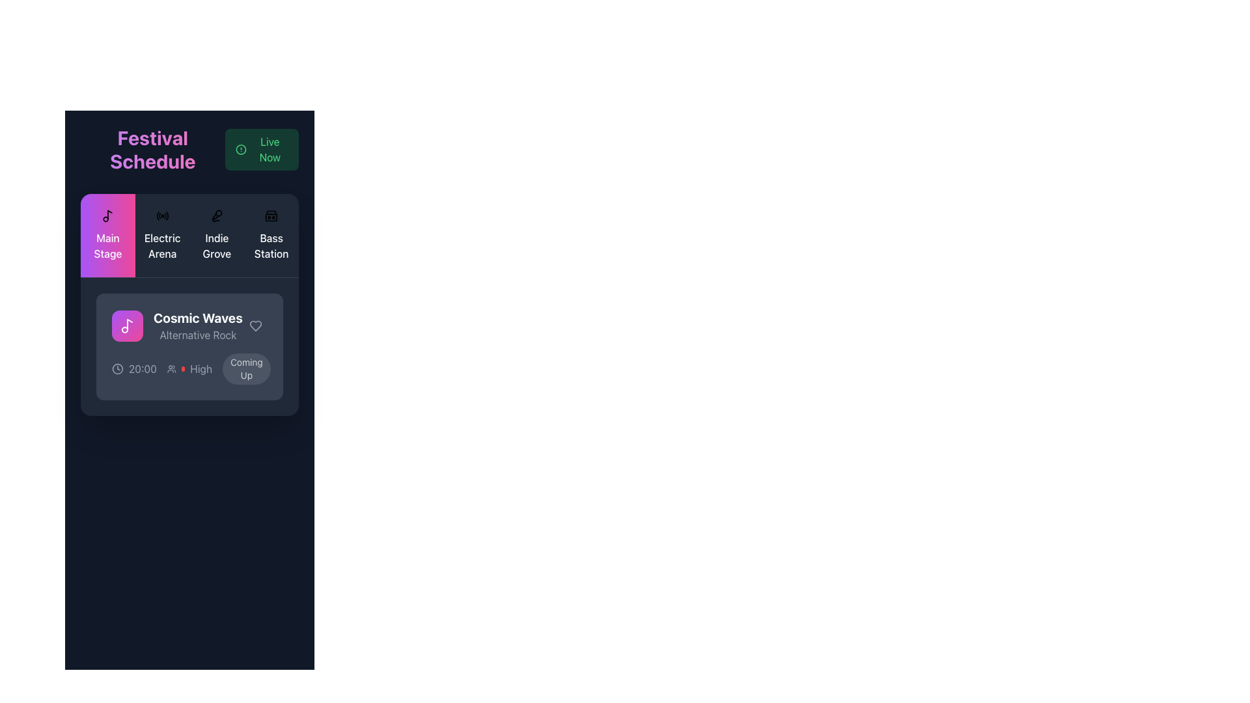 Image resolution: width=1250 pixels, height=703 pixels. Describe the element at coordinates (217, 236) in the screenshot. I see `the 'Indie Grove' button, which features a microphone icon and white text` at that location.